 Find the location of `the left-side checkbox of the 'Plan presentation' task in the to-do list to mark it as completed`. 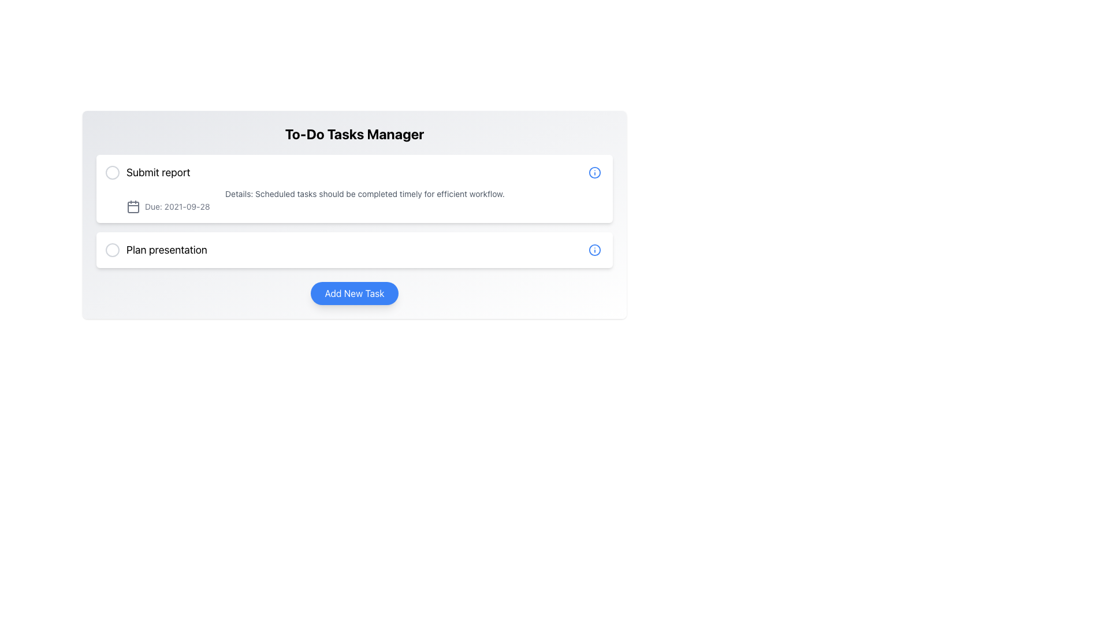

the left-side checkbox of the 'Plan presentation' task in the to-do list to mark it as completed is located at coordinates (354, 249).